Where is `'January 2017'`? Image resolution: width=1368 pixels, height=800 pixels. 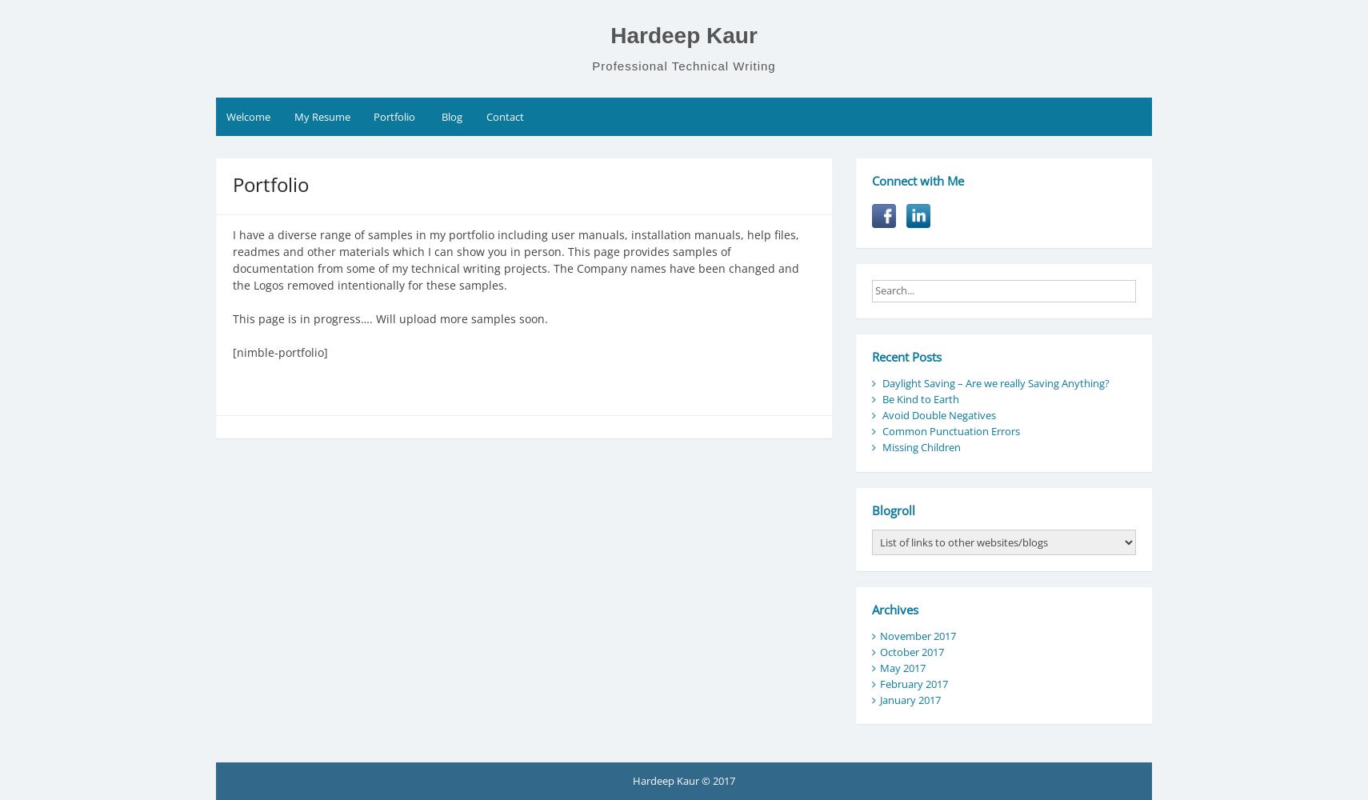 'January 2017' is located at coordinates (878, 698).